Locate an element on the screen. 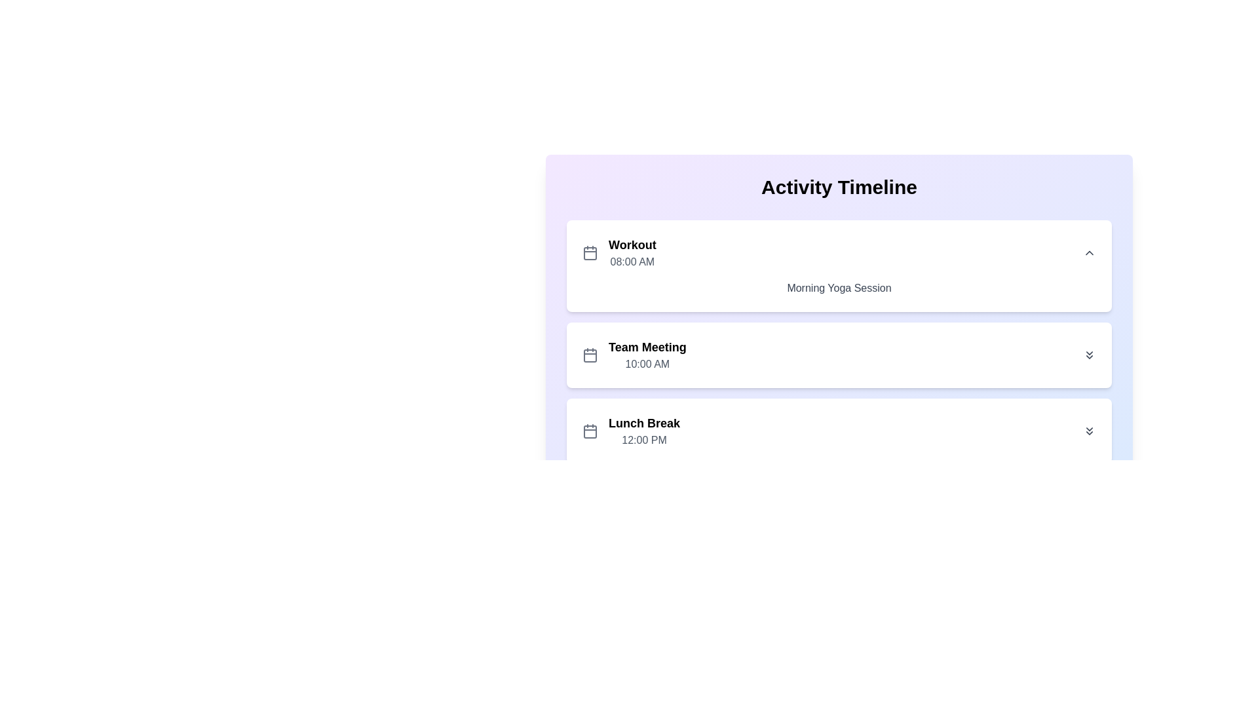 This screenshot has width=1258, height=708. the 'Workout' text element, which is bold and displays '08:00 AM' in a smaller gray font, located in the top left corner of the first activity card in the vertical timeline is located at coordinates (632, 252).